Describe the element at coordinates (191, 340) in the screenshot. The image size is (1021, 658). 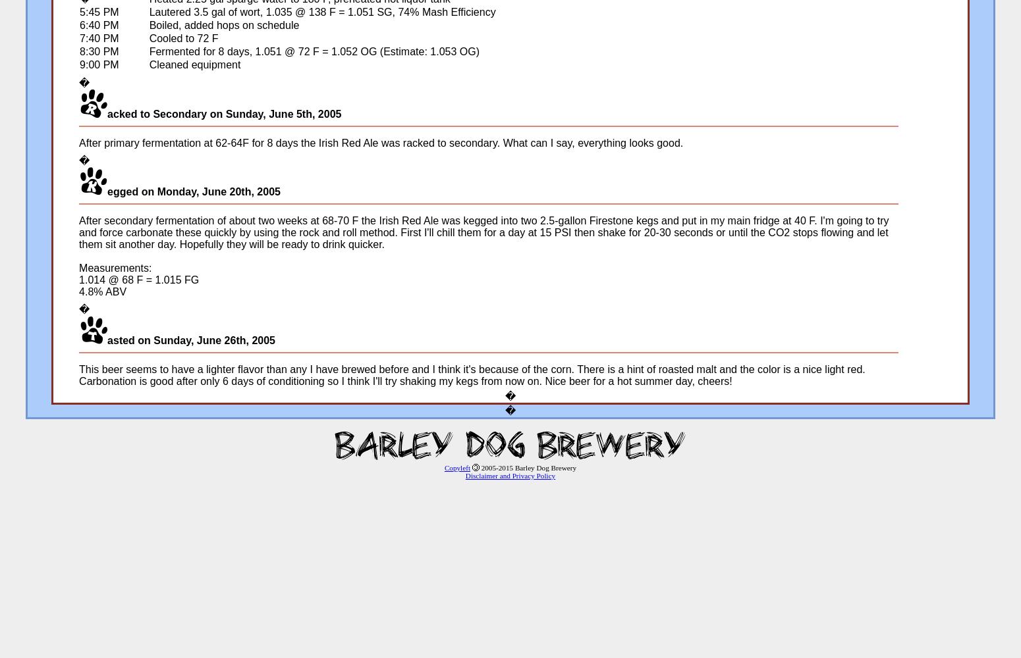
I see `'asted on Sunday, June 26th, 2005'` at that location.